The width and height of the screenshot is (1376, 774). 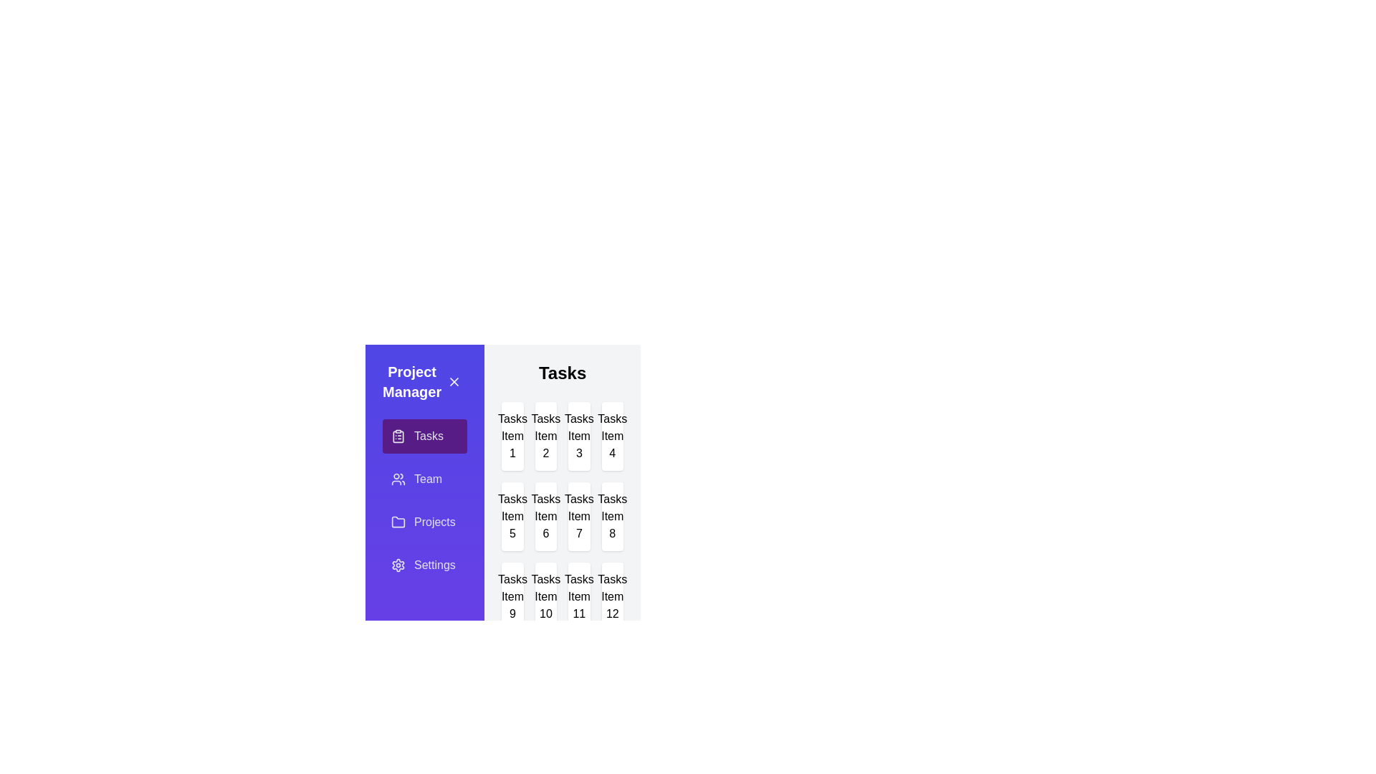 What do you see at coordinates (424, 565) in the screenshot?
I see `the Settings tab by clicking on it` at bounding box center [424, 565].